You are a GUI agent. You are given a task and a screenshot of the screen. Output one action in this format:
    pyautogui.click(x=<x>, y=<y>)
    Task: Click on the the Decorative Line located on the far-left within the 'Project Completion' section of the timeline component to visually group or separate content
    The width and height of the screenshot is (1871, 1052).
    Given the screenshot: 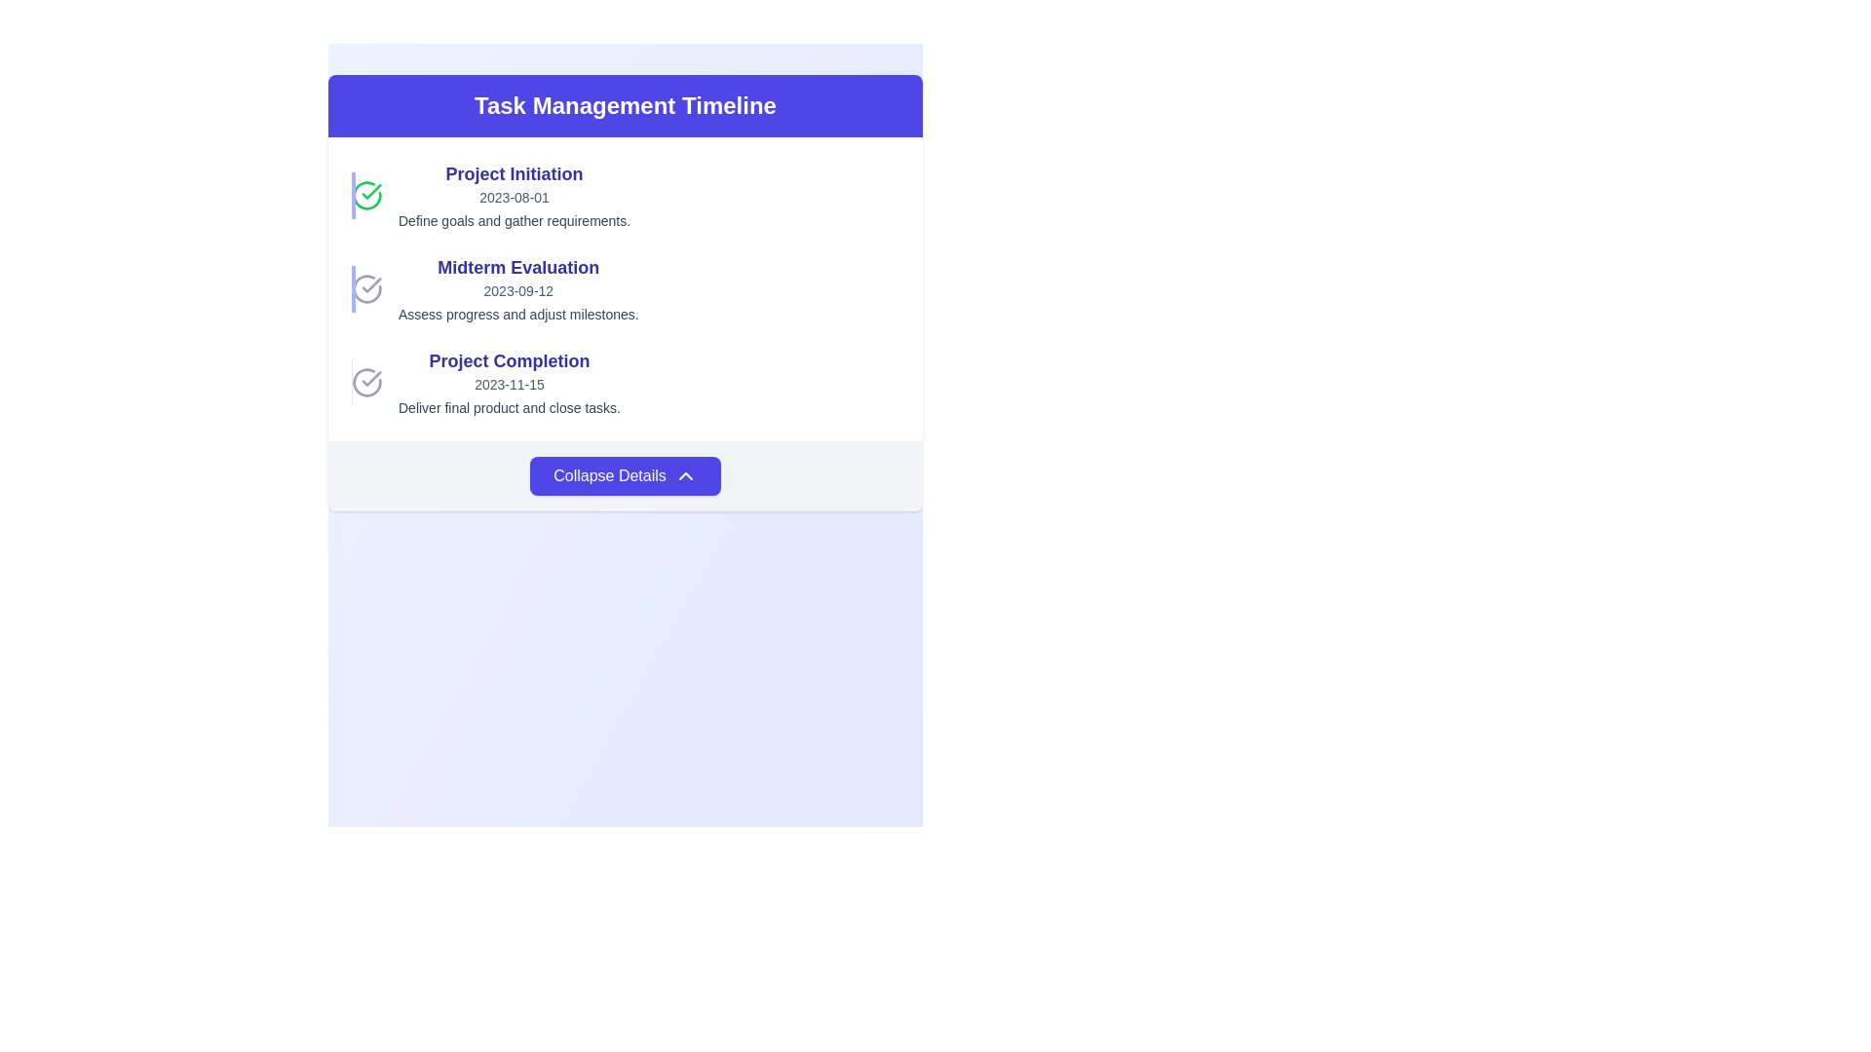 What is the action you would take?
    pyautogui.click(x=352, y=383)
    